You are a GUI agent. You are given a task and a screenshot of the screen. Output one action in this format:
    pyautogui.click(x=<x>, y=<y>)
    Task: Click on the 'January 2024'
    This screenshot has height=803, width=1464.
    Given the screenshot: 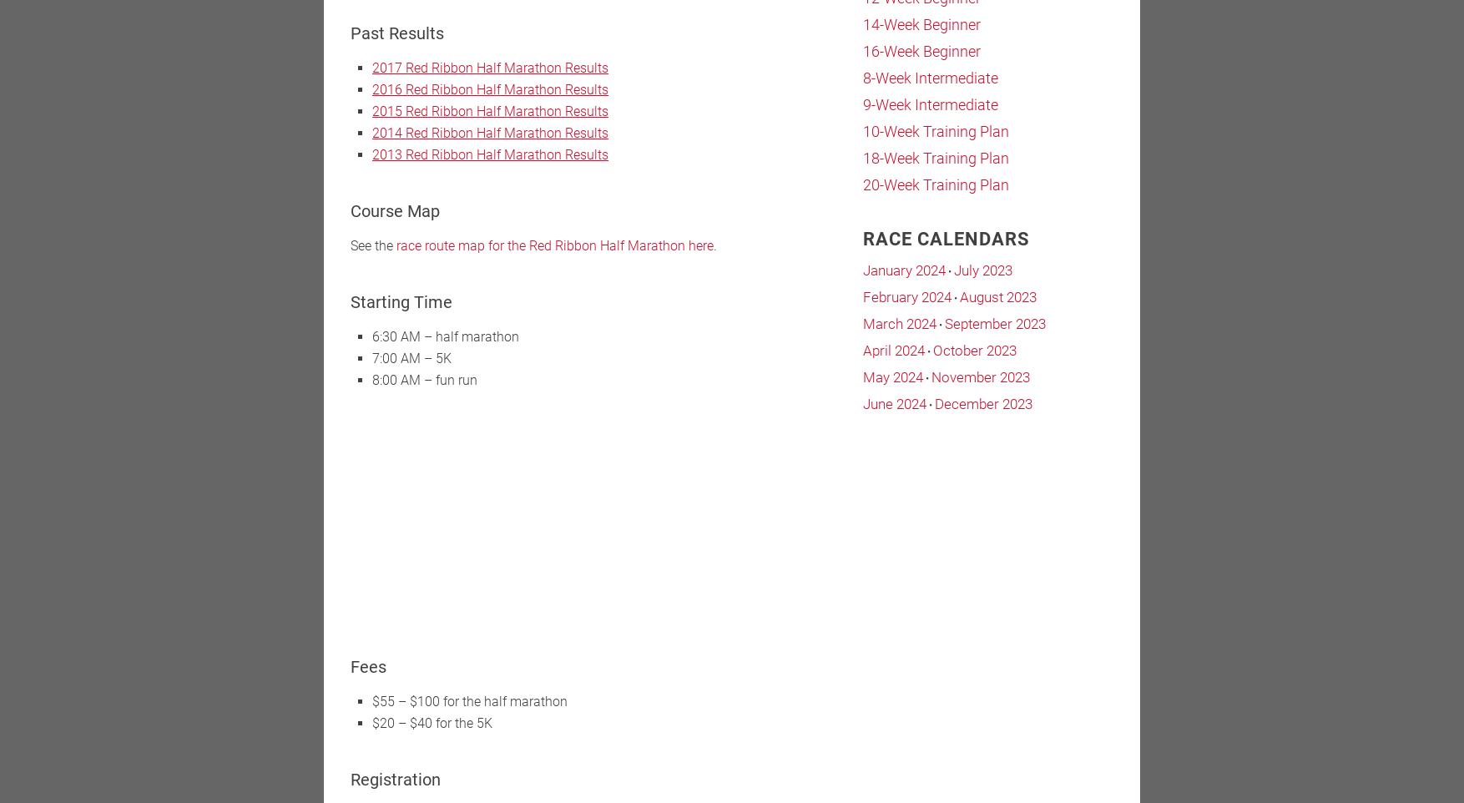 What is the action you would take?
    pyautogui.click(x=904, y=270)
    